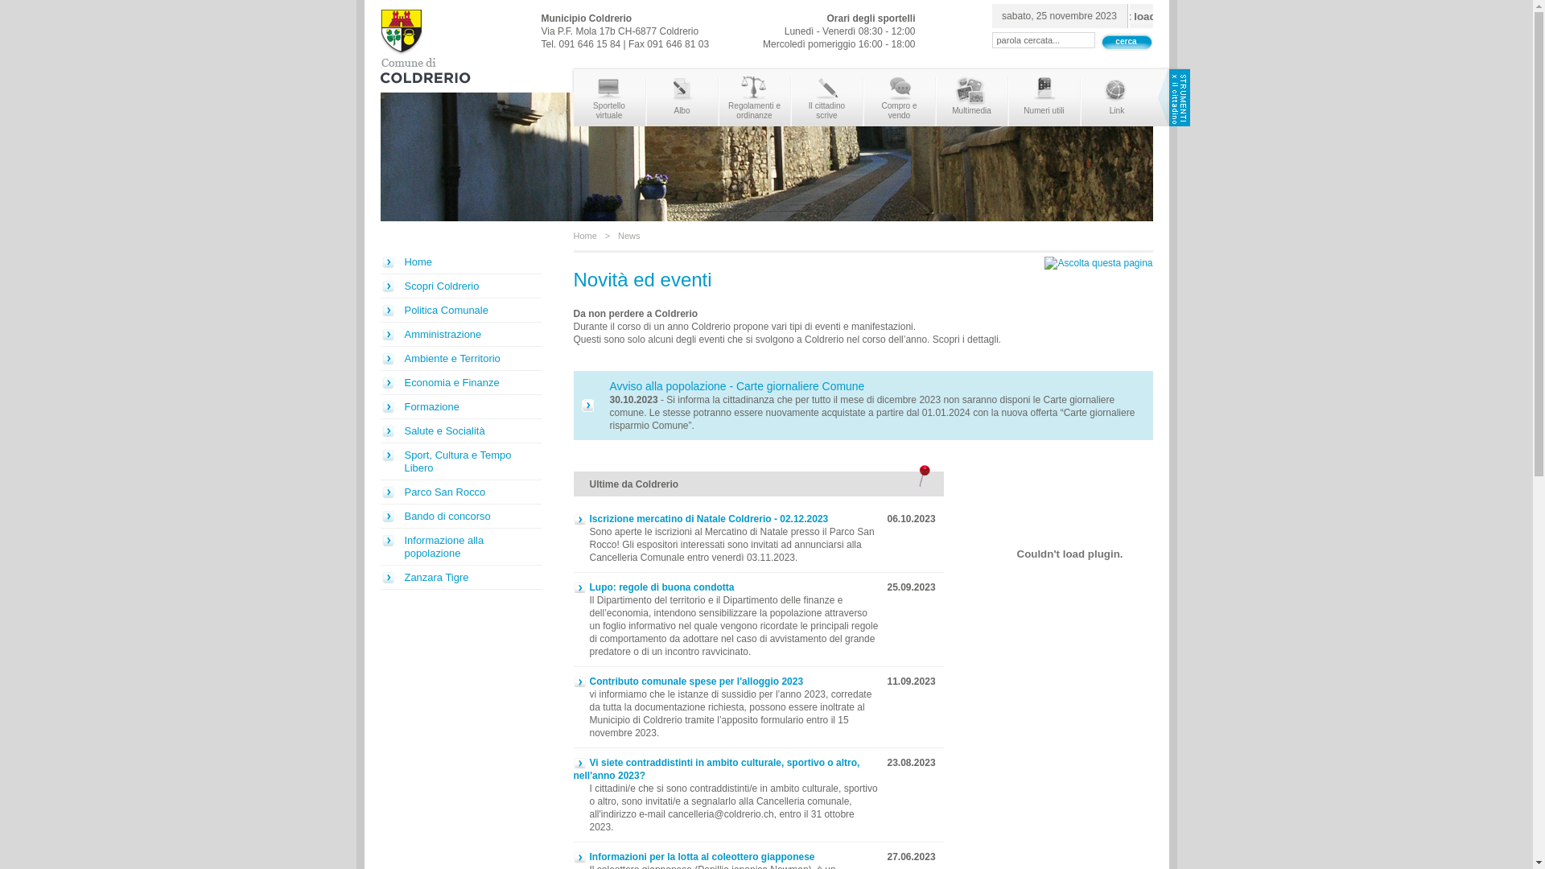 The height and width of the screenshot is (869, 1545). I want to click on 'Informazione alla popolazione', so click(459, 546).